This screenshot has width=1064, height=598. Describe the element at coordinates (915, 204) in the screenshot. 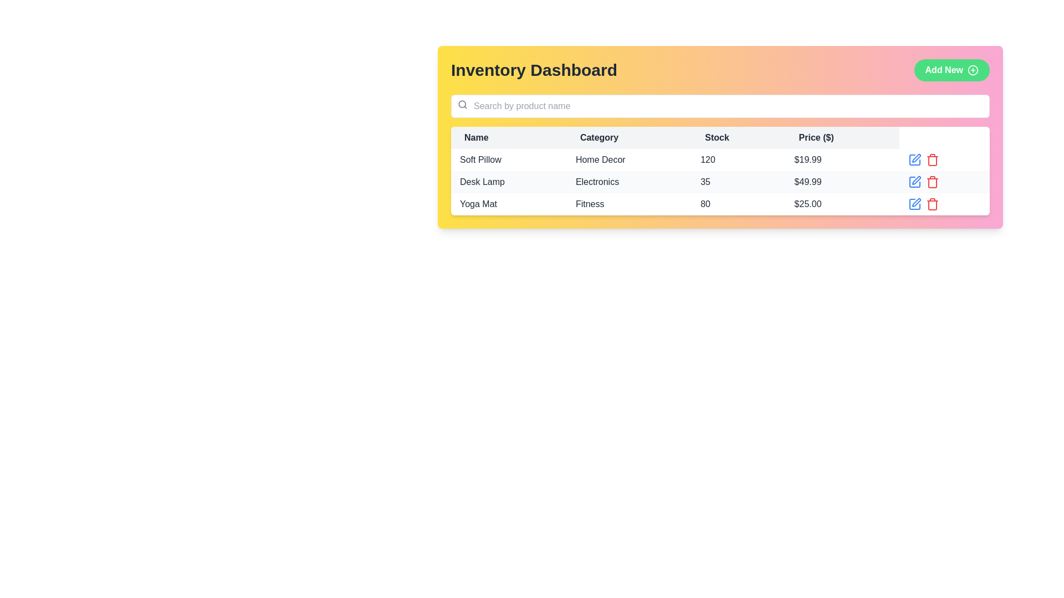

I see `the edit button located in the last row of the table under the 'Price' column group` at that location.